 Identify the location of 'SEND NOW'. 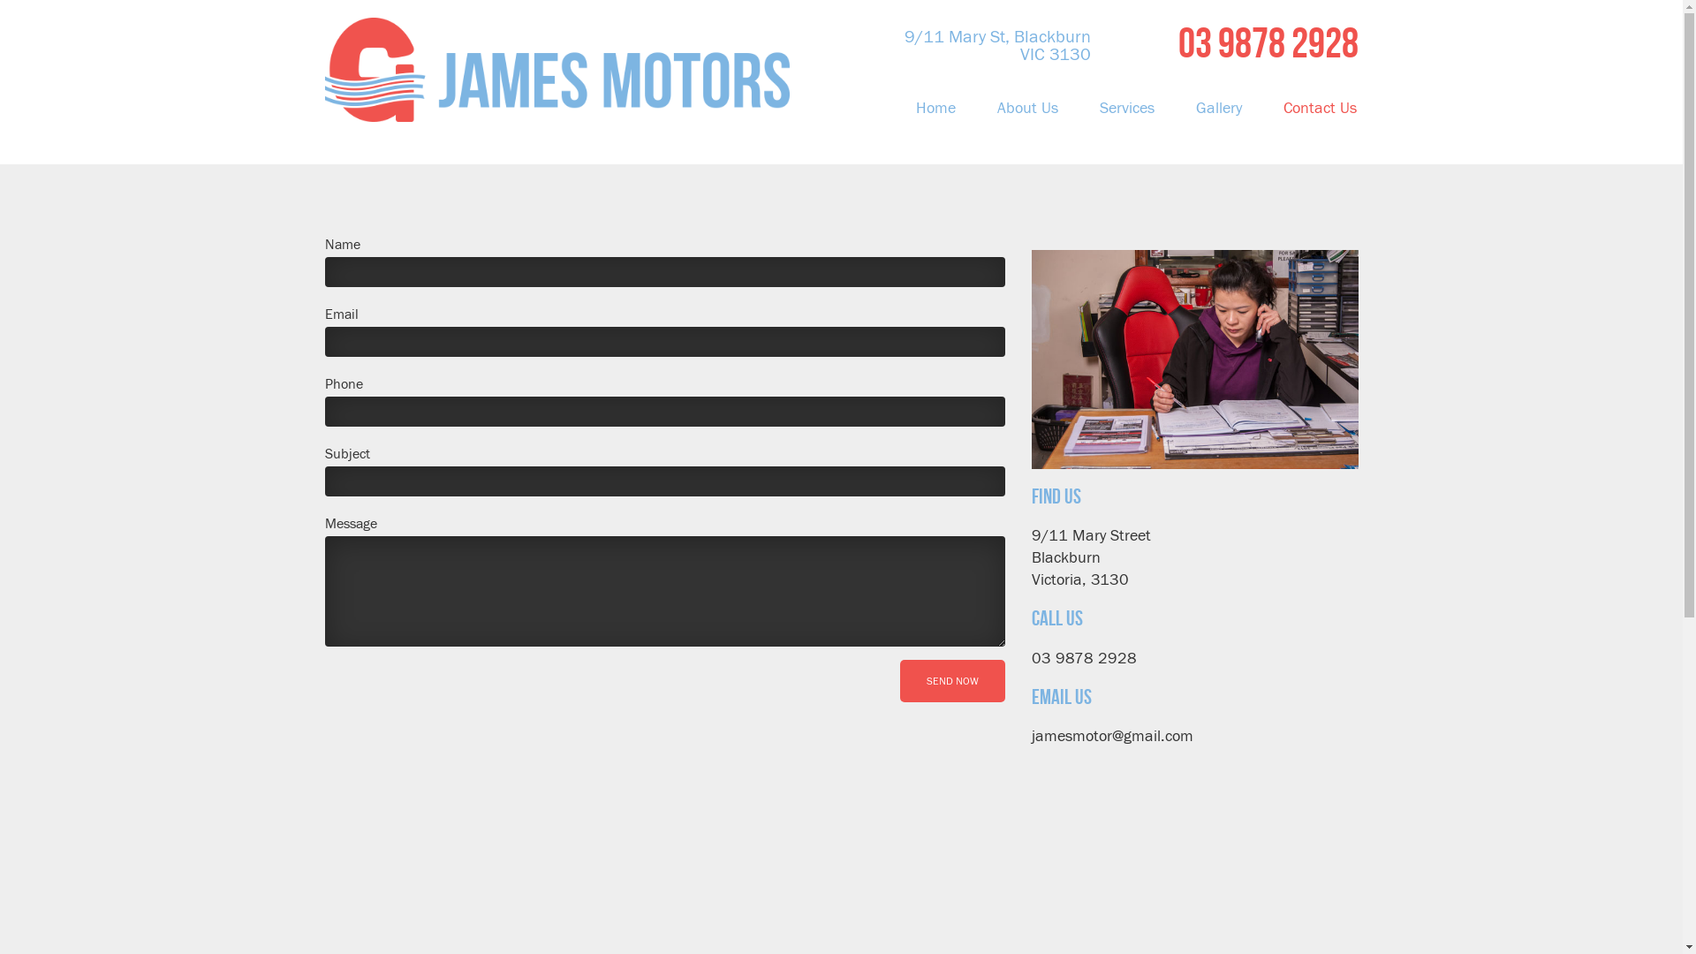
(950, 680).